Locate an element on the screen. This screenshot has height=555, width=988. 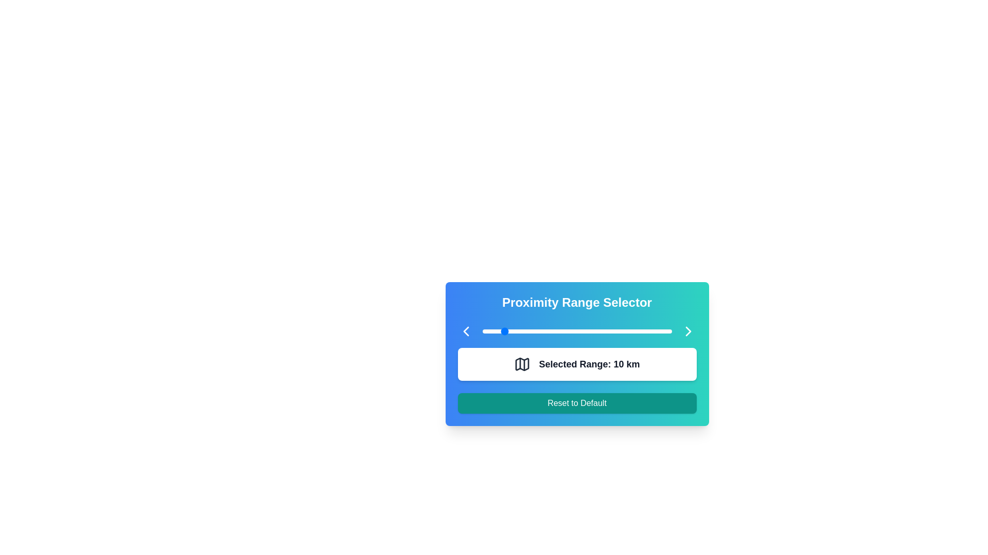
the proximity range is located at coordinates (669, 331).